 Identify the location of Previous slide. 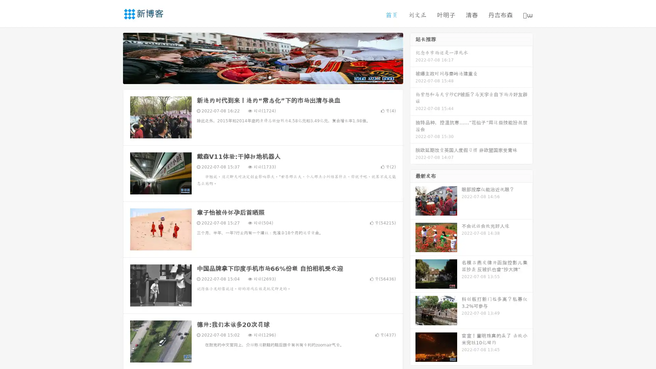
(113, 57).